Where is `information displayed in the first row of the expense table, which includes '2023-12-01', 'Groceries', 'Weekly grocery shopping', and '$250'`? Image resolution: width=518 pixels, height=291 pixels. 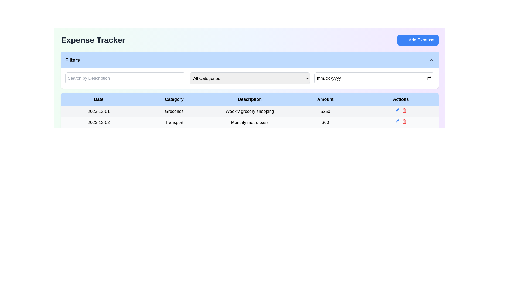 information displayed in the first row of the expense table, which includes '2023-12-01', 'Groceries', 'Weekly grocery shopping', and '$250' is located at coordinates (250, 111).